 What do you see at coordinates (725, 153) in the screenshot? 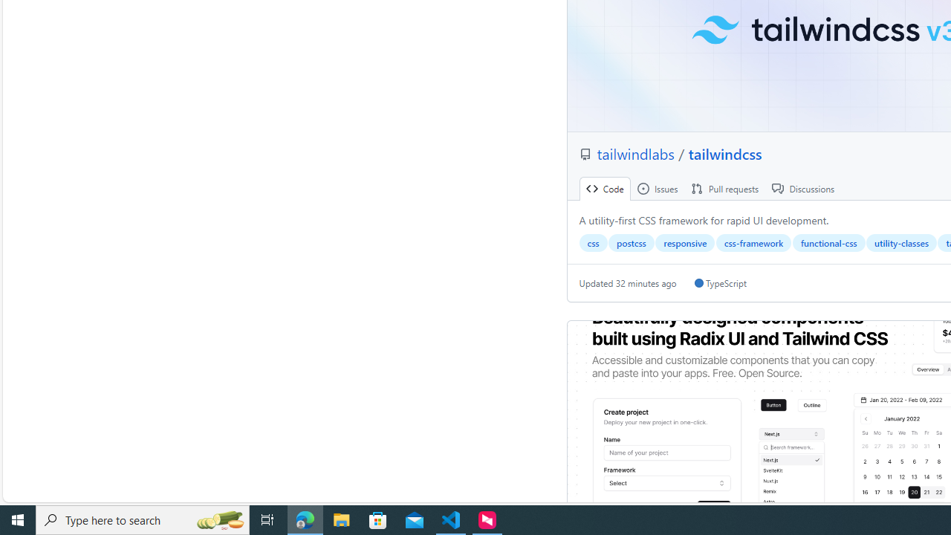
I see `'tailwindcss'` at bounding box center [725, 153].